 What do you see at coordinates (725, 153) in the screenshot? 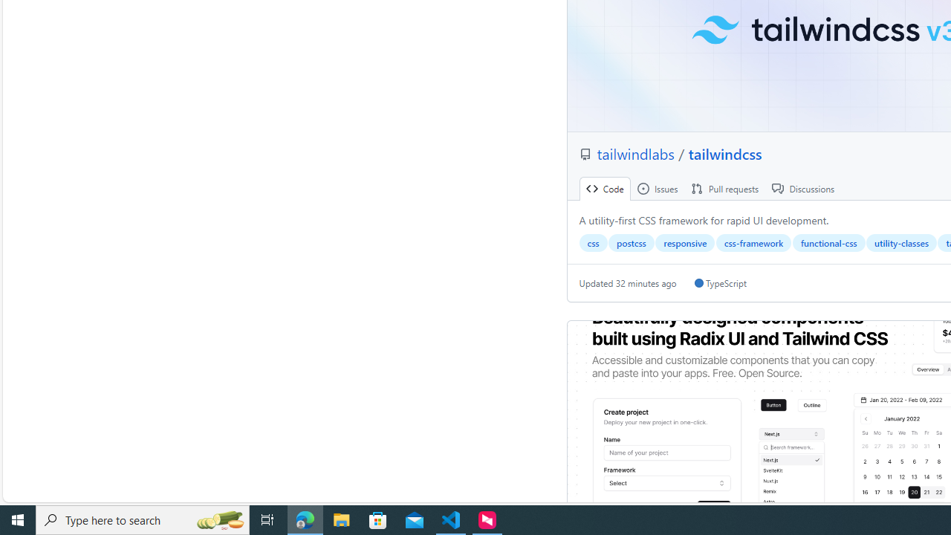
I see `'tailwindcss'` at bounding box center [725, 153].